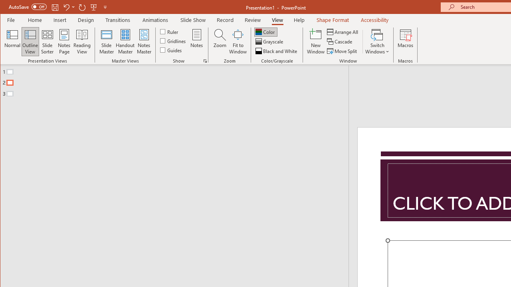 This screenshot has width=511, height=287. Describe the element at coordinates (58, 7) in the screenshot. I see `'Quick Access Toolbar'` at that location.